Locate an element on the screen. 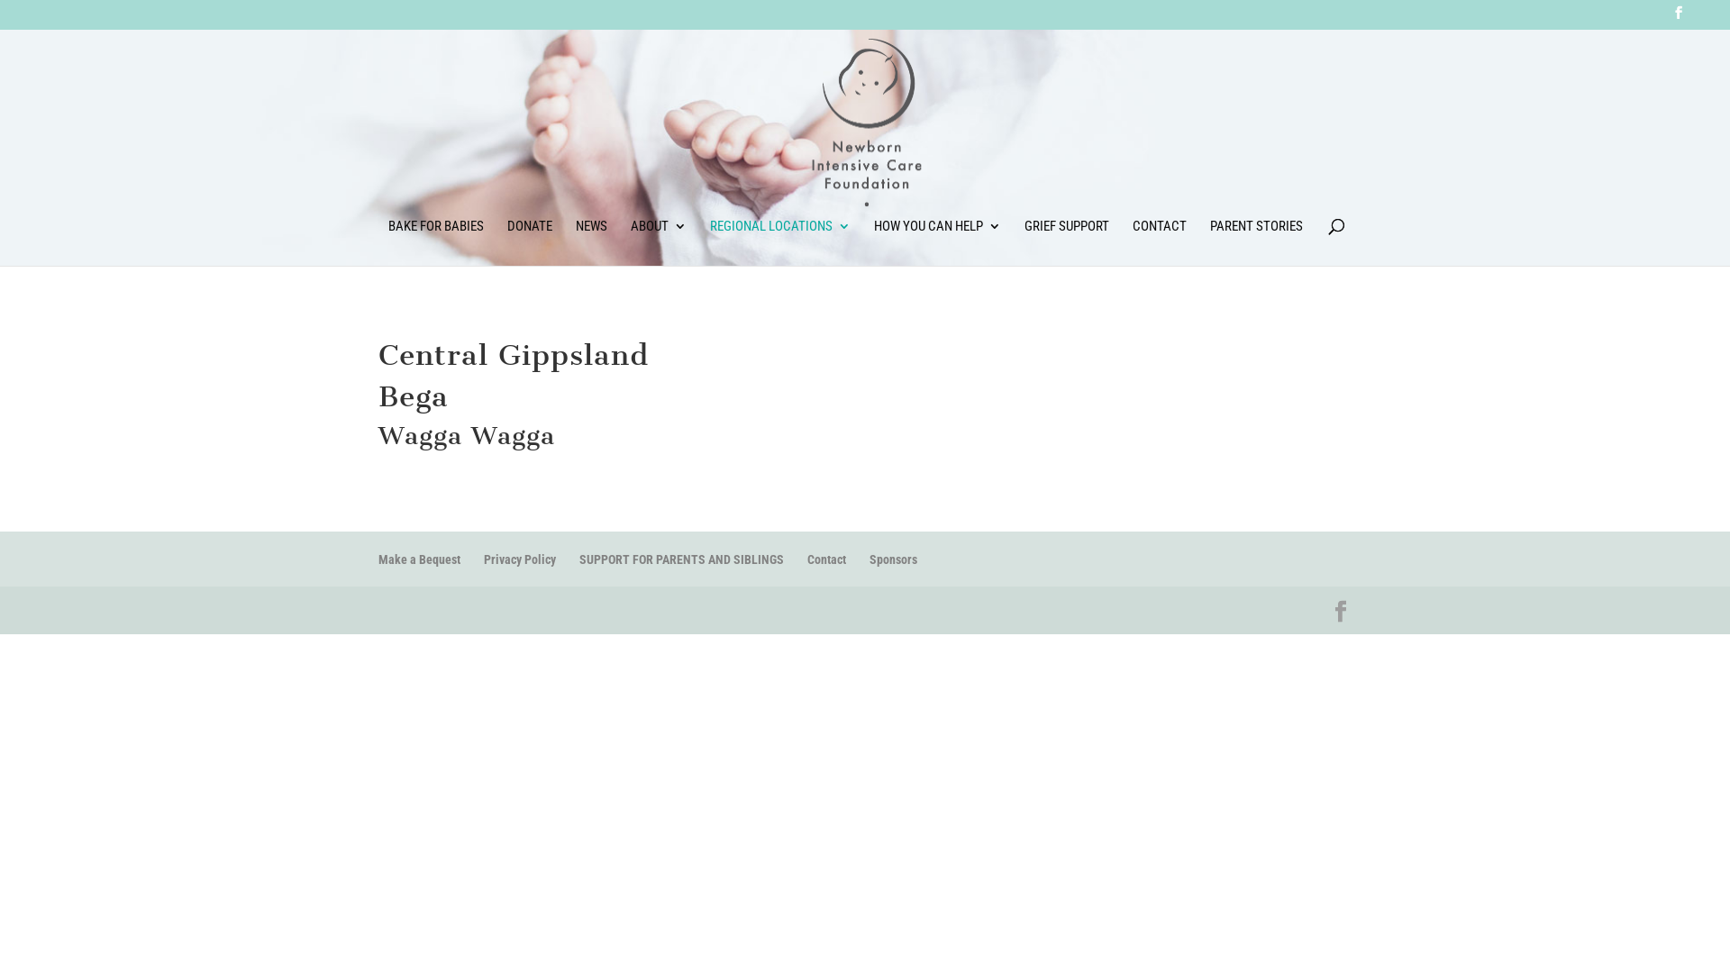 Image resolution: width=1730 pixels, height=973 pixels. 'DONATE' is located at coordinates (527, 241).